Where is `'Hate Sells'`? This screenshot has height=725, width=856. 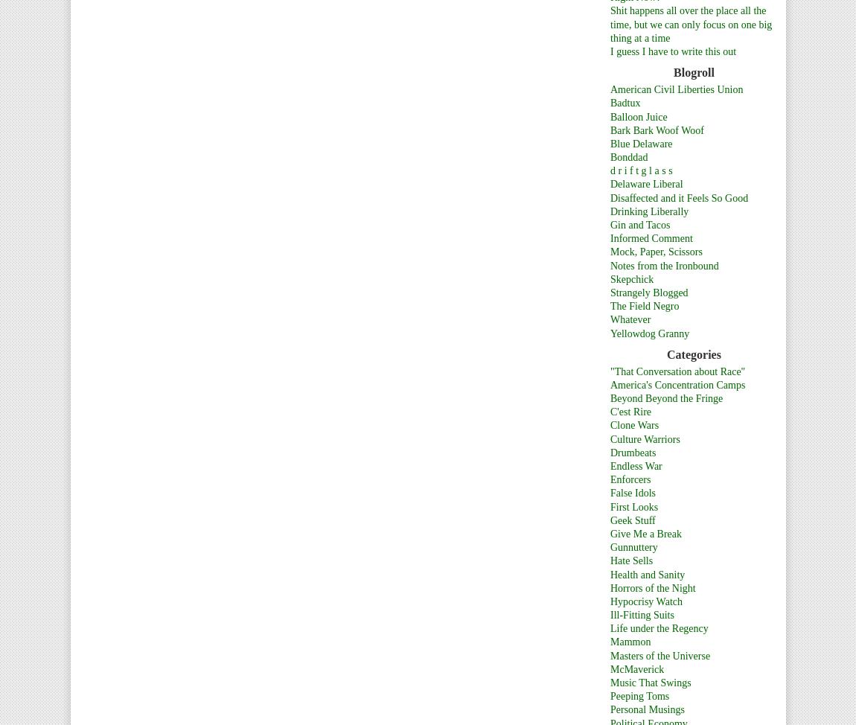 'Hate Sells' is located at coordinates (630, 560).